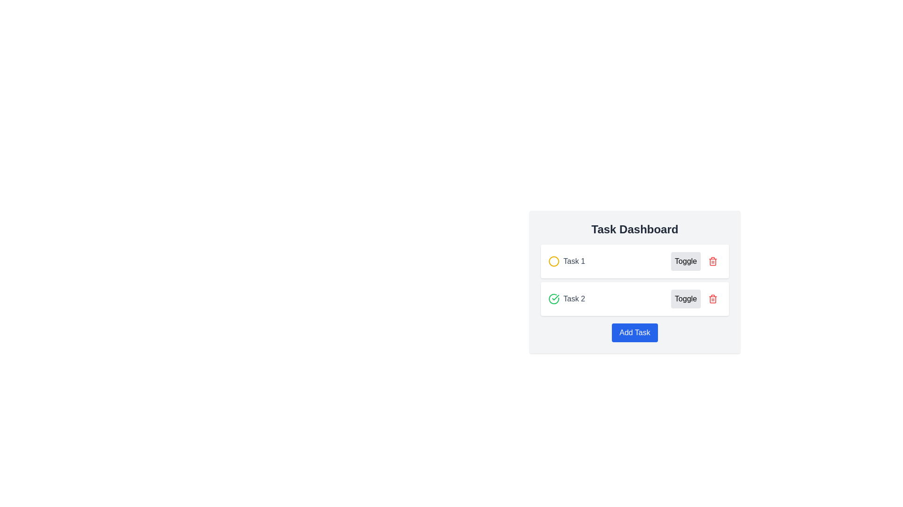  What do you see at coordinates (696, 261) in the screenshot?
I see `the toggle button located to the right side of the 'Task 1' box, just before the trashcan icon, to change its appearance` at bounding box center [696, 261].